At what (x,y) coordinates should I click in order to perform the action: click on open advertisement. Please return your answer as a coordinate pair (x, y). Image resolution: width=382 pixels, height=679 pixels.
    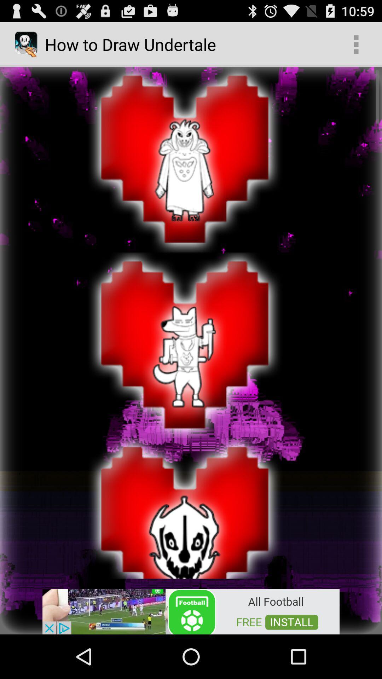
    Looking at the image, I should click on (191, 611).